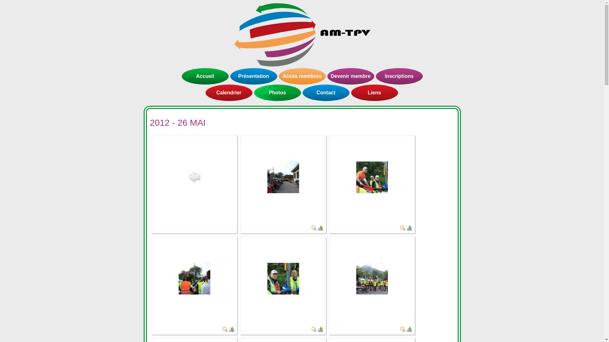  Describe the element at coordinates (350, 76) in the screenshot. I see `'Devenir membre'` at that location.